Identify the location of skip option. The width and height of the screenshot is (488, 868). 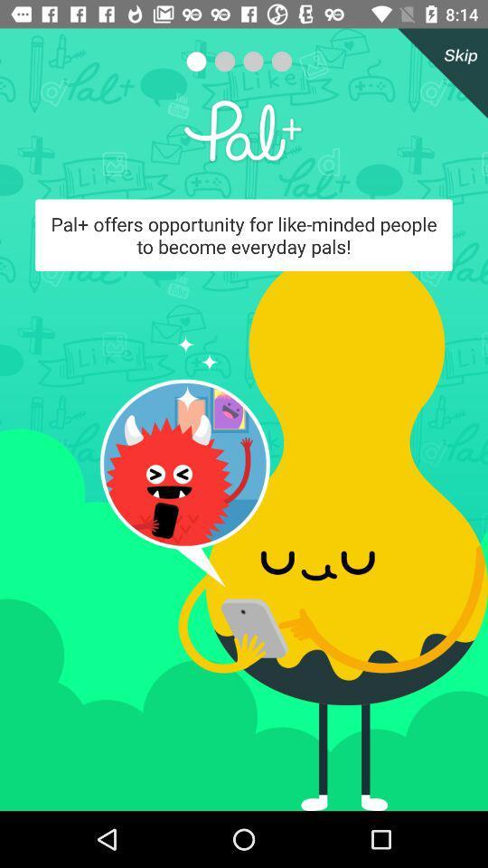
(438, 73).